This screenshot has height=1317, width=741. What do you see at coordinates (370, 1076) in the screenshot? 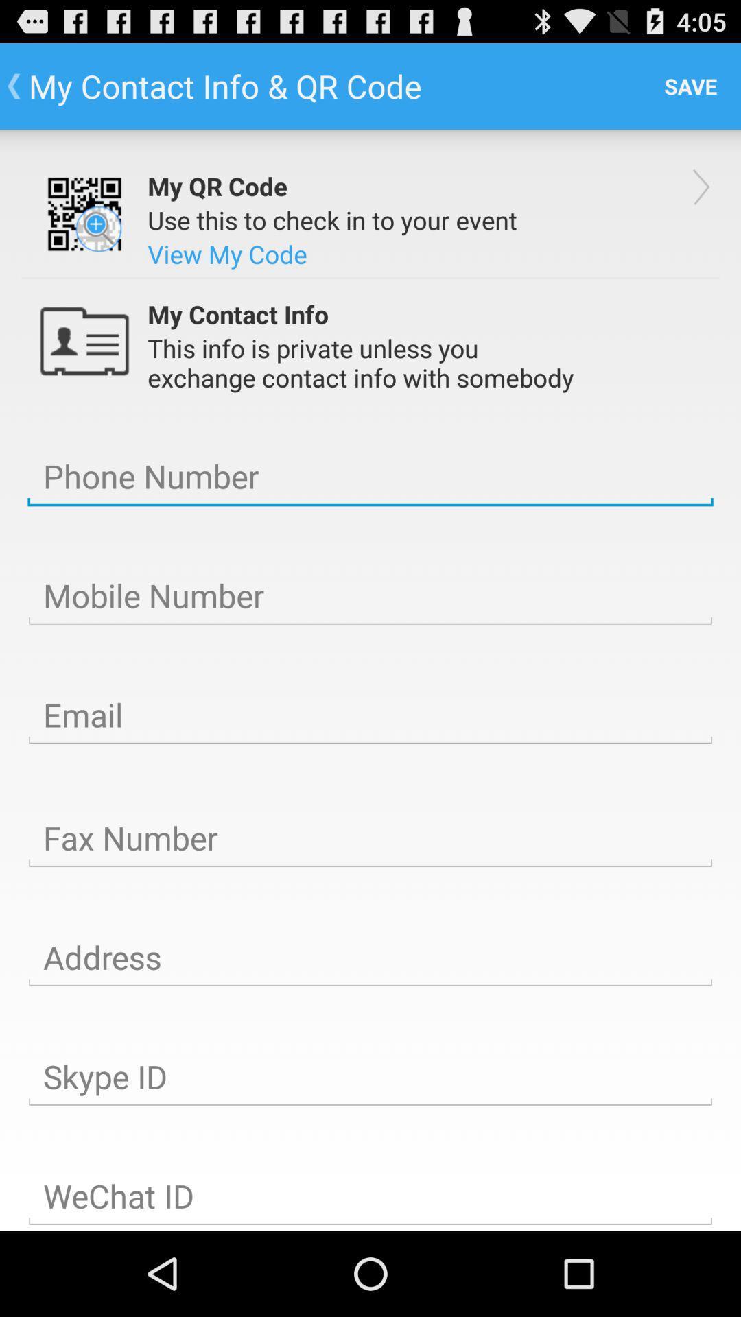
I see `skype id` at bounding box center [370, 1076].